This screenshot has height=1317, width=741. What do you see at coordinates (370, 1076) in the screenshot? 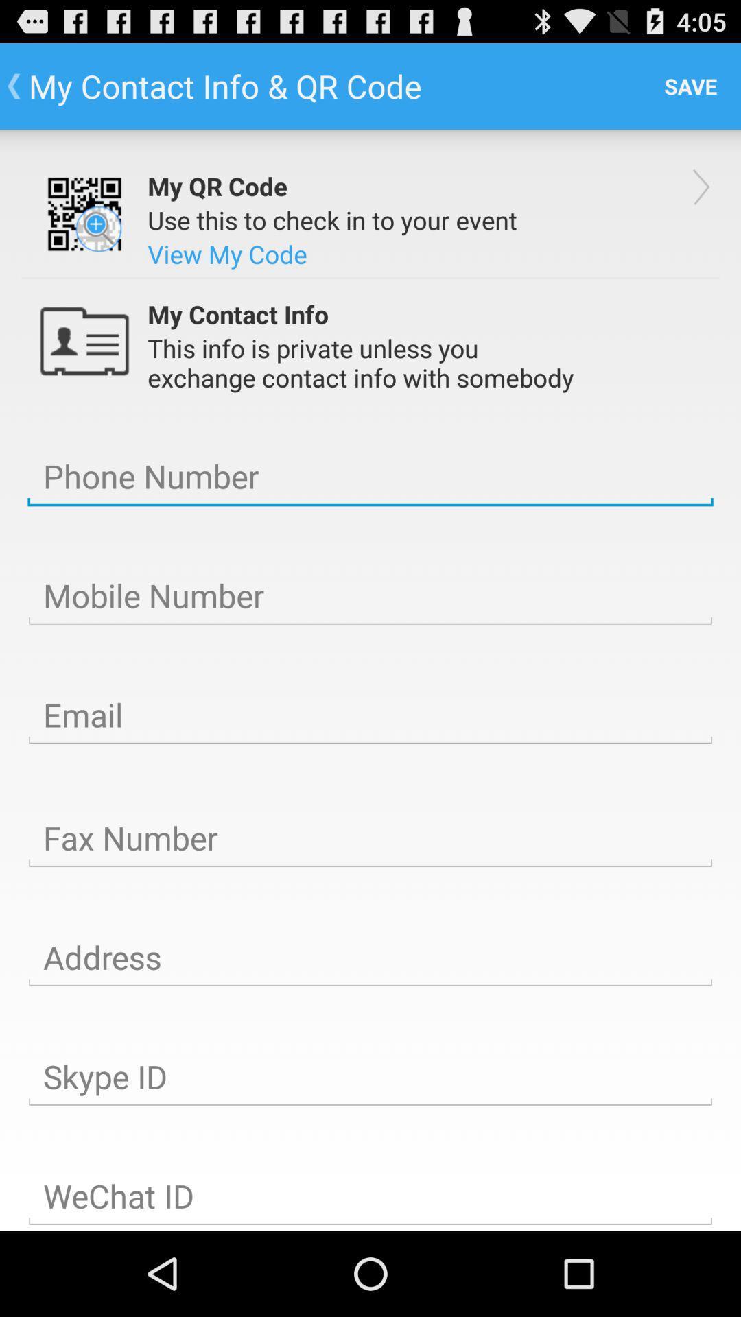
I see `skype id` at bounding box center [370, 1076].